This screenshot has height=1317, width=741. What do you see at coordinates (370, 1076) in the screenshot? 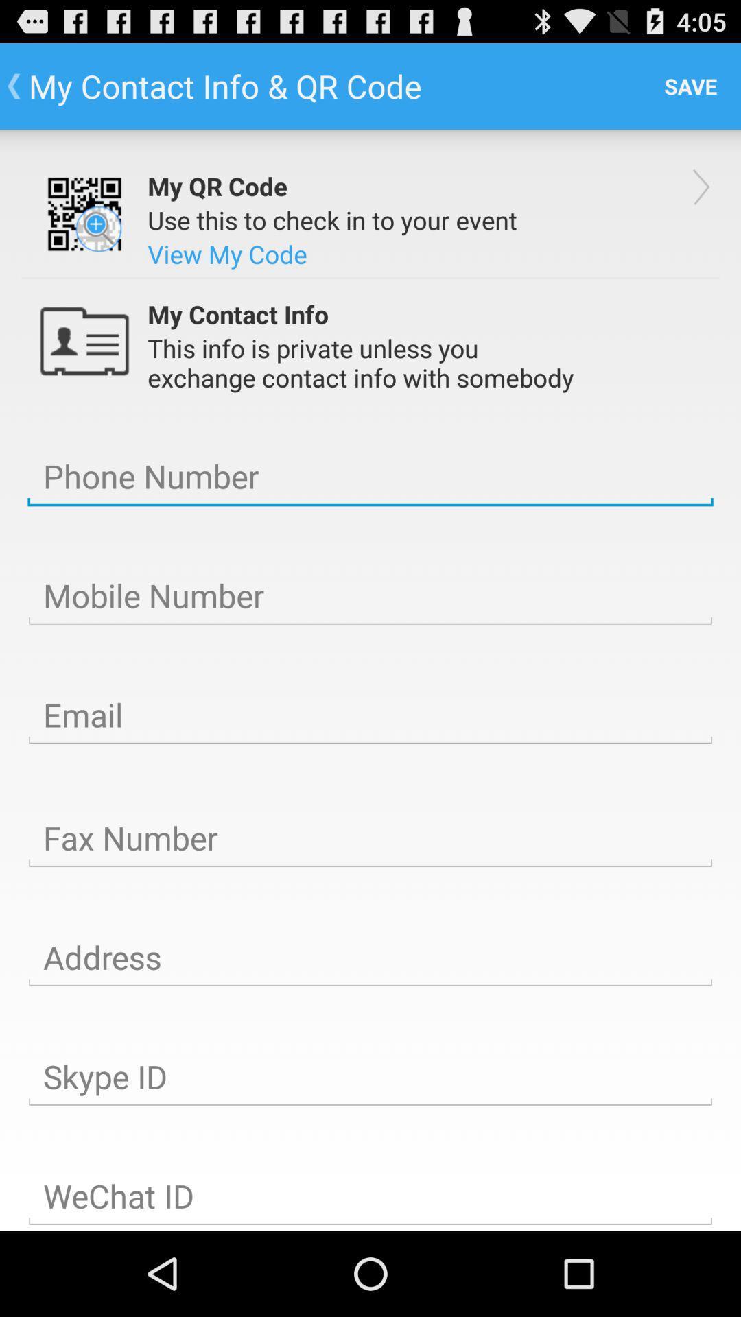
I see `skype id` at bounding box center [370, 1076].